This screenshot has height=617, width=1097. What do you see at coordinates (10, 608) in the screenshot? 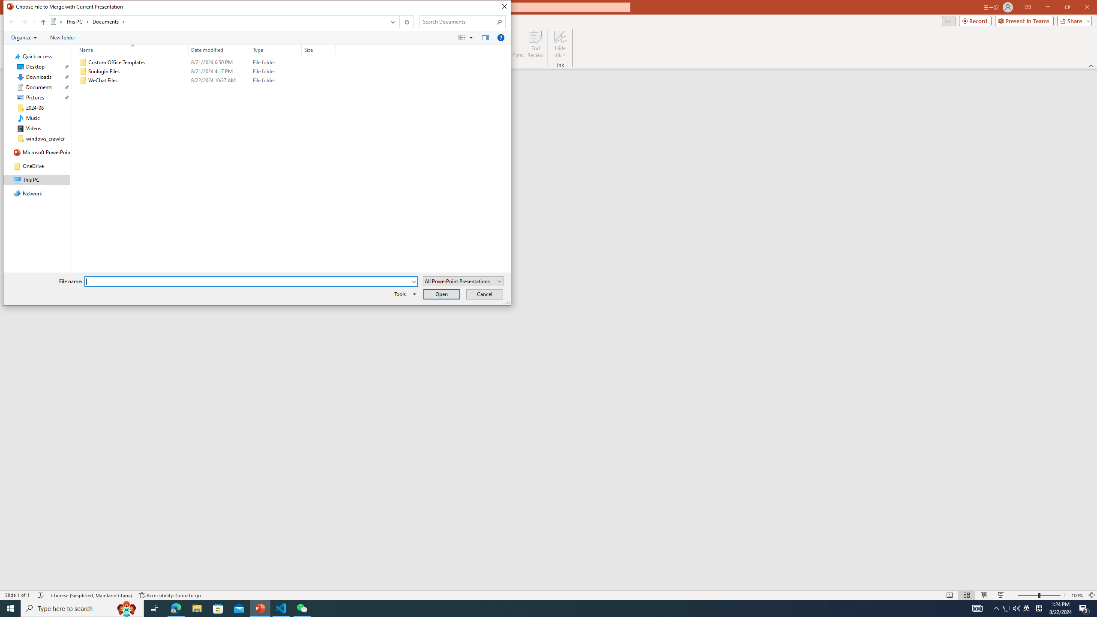
I see `'Start'` at bounding box center [10, 608].